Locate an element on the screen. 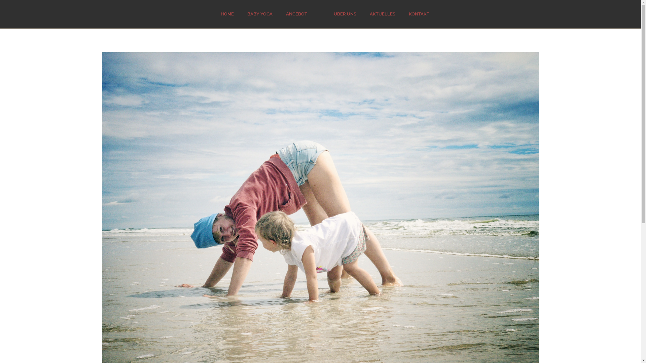  'ANGEBOT' is located at coordinates (296, 14).